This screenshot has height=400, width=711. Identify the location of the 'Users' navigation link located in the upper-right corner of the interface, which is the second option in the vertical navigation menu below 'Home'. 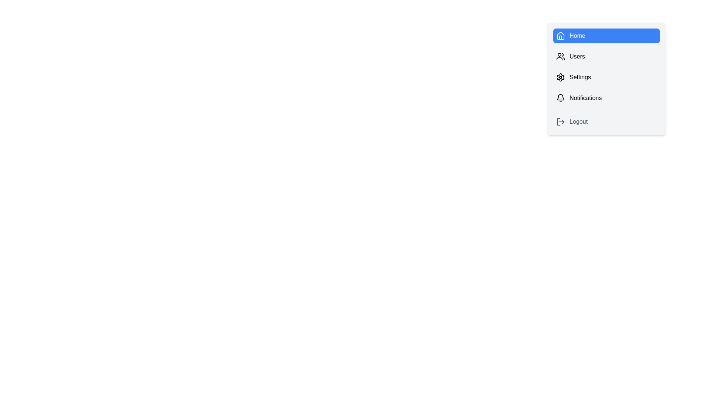
(606, 56).